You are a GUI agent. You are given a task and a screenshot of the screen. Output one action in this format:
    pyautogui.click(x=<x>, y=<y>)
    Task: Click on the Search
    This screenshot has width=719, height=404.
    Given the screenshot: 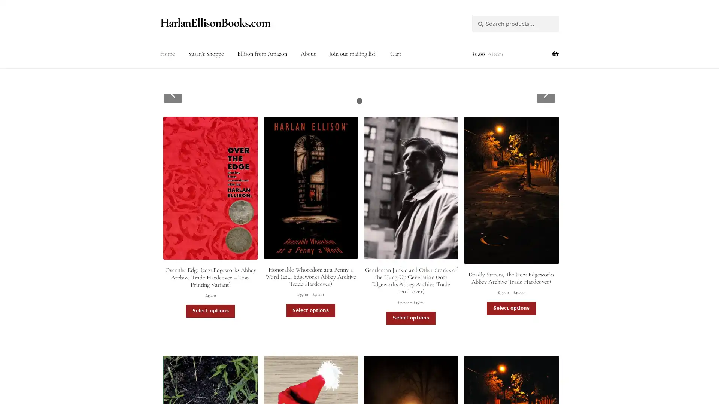 What is the action you would take?
    pyautogui.click(x=471, y=15)
    